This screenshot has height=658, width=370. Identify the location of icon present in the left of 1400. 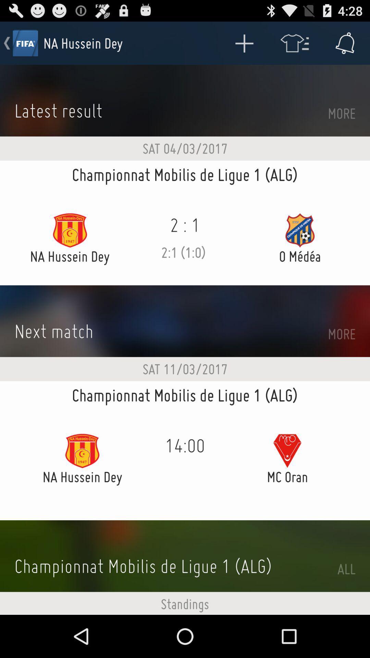
(82, 451).